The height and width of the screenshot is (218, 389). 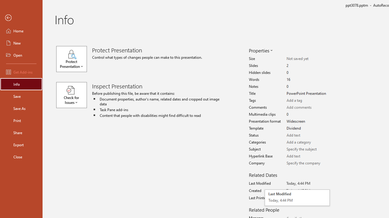 I want to click on 'Size', so click(x=308, y=59).